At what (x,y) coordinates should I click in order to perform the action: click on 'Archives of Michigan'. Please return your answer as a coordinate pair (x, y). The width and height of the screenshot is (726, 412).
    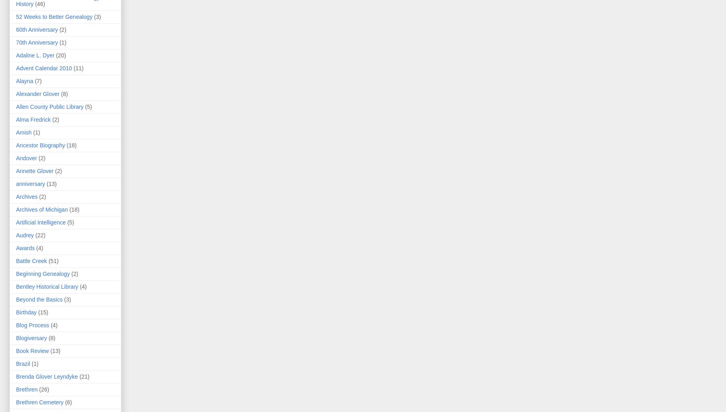
    Looking at the image, I should click on (41, 210).